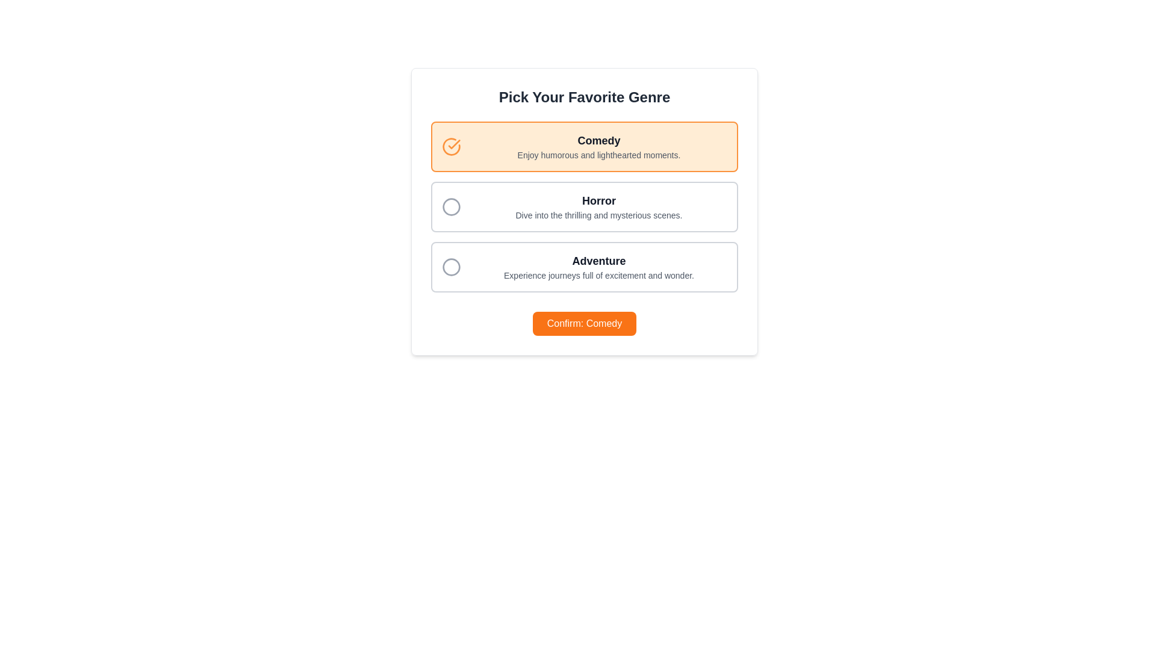  Describe the element at coordinates (450, 206) in the screenshot. I see `the second circular icon from the top in the list of genre options, which represents the 'Horror' genre` at that location.